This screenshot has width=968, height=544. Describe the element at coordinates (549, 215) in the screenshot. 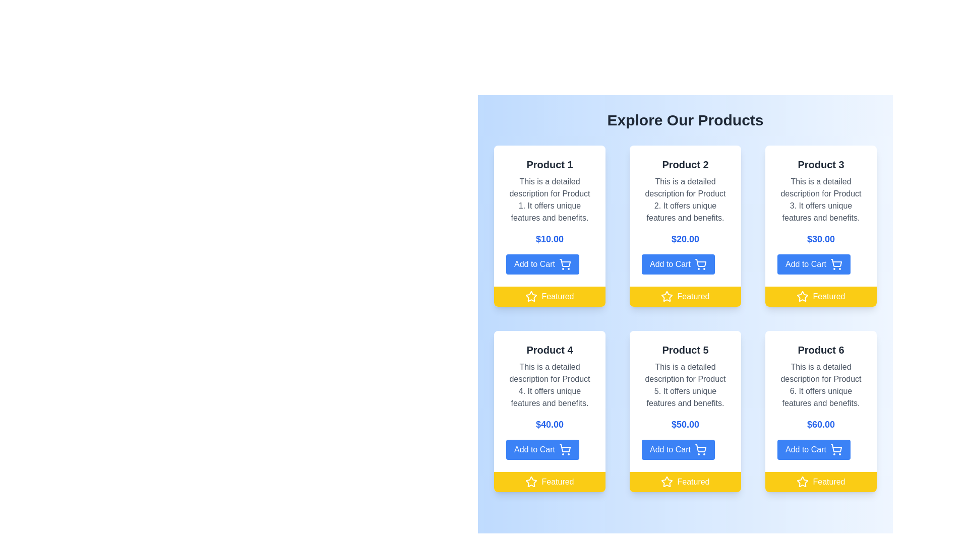

I see `product description from the product card labeled 'Product 1', which is located in the first column of the first row of the grid layout` at that location.